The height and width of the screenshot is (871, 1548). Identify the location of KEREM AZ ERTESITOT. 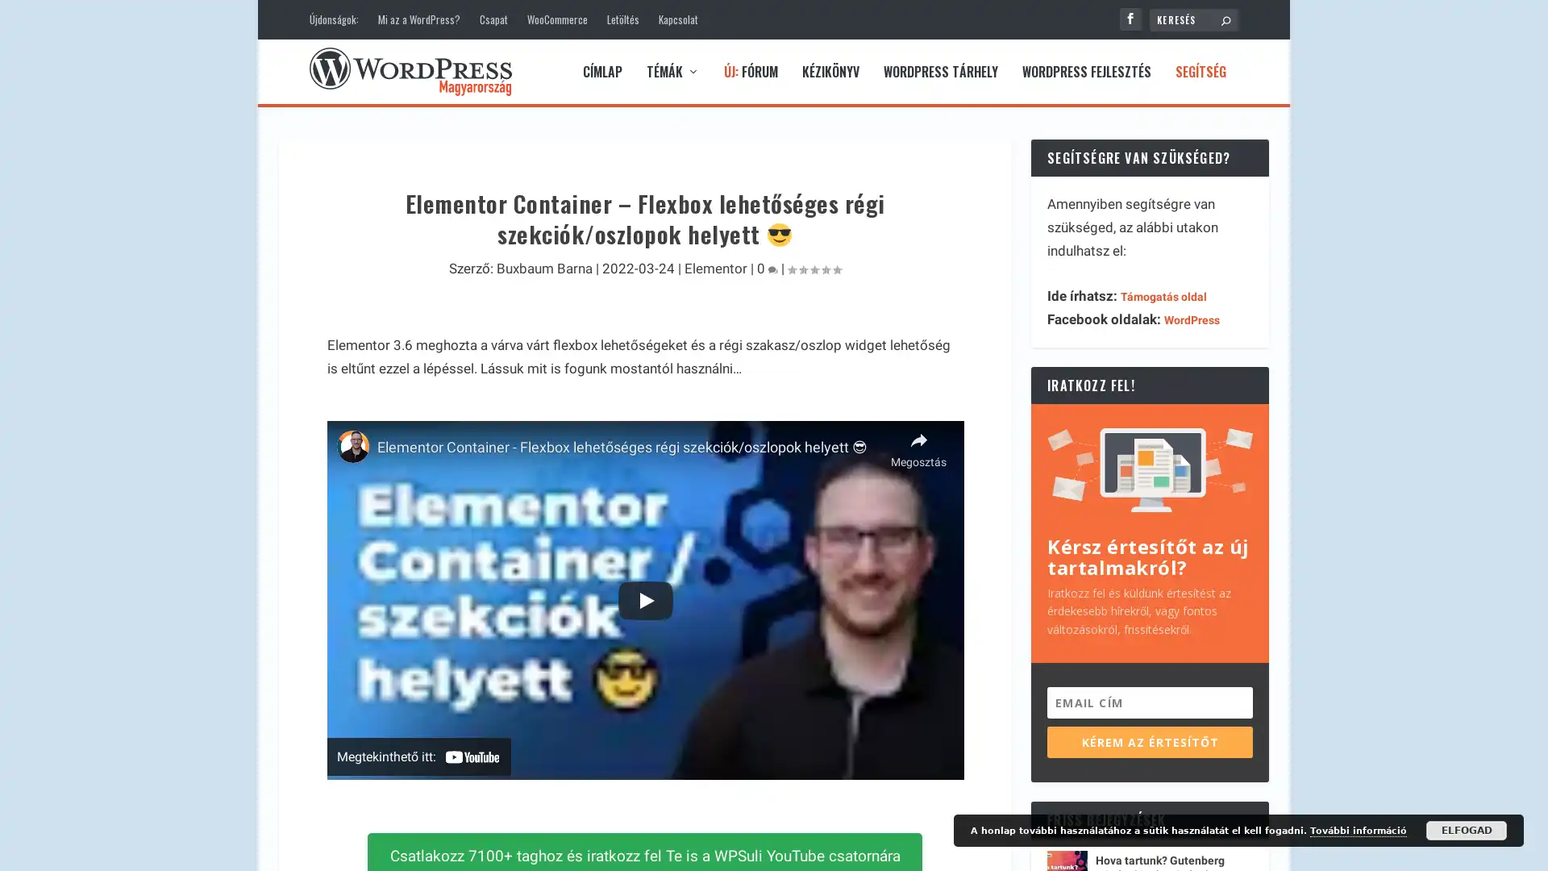
(1149, 741).